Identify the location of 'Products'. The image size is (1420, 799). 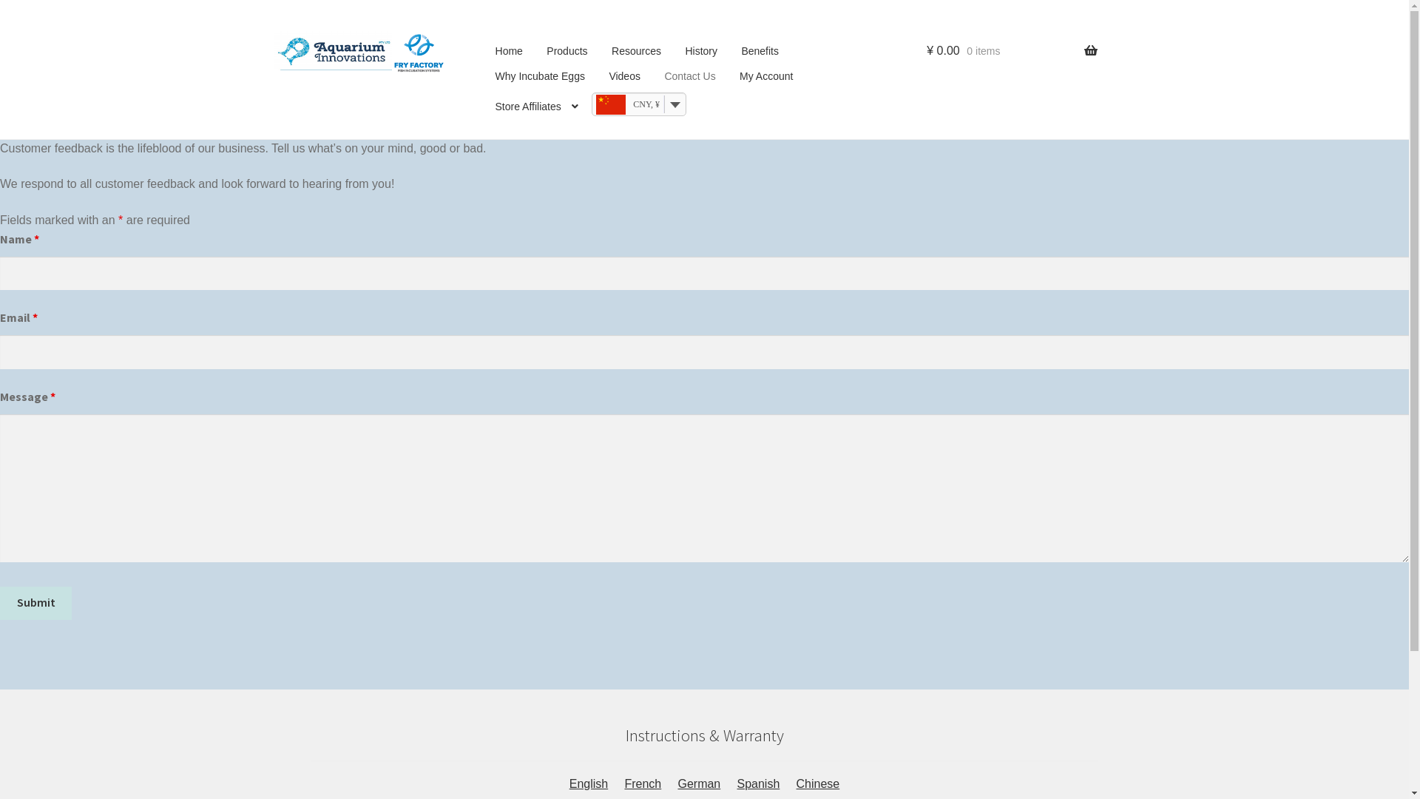
(566, 54).